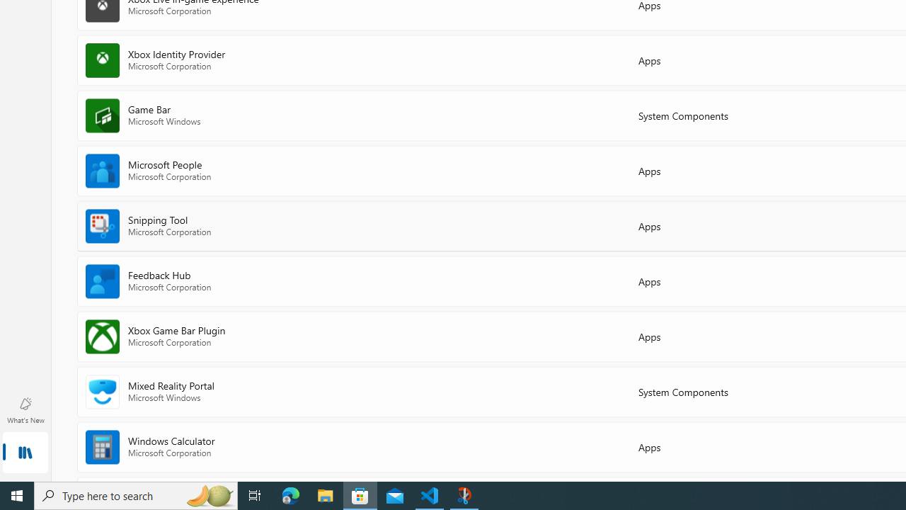  I want to click on 'Library', so click(25, 453).